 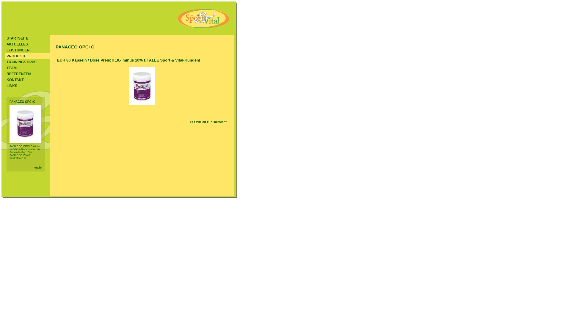 I want to click on 'LINKS', so click(x=27, y=86).